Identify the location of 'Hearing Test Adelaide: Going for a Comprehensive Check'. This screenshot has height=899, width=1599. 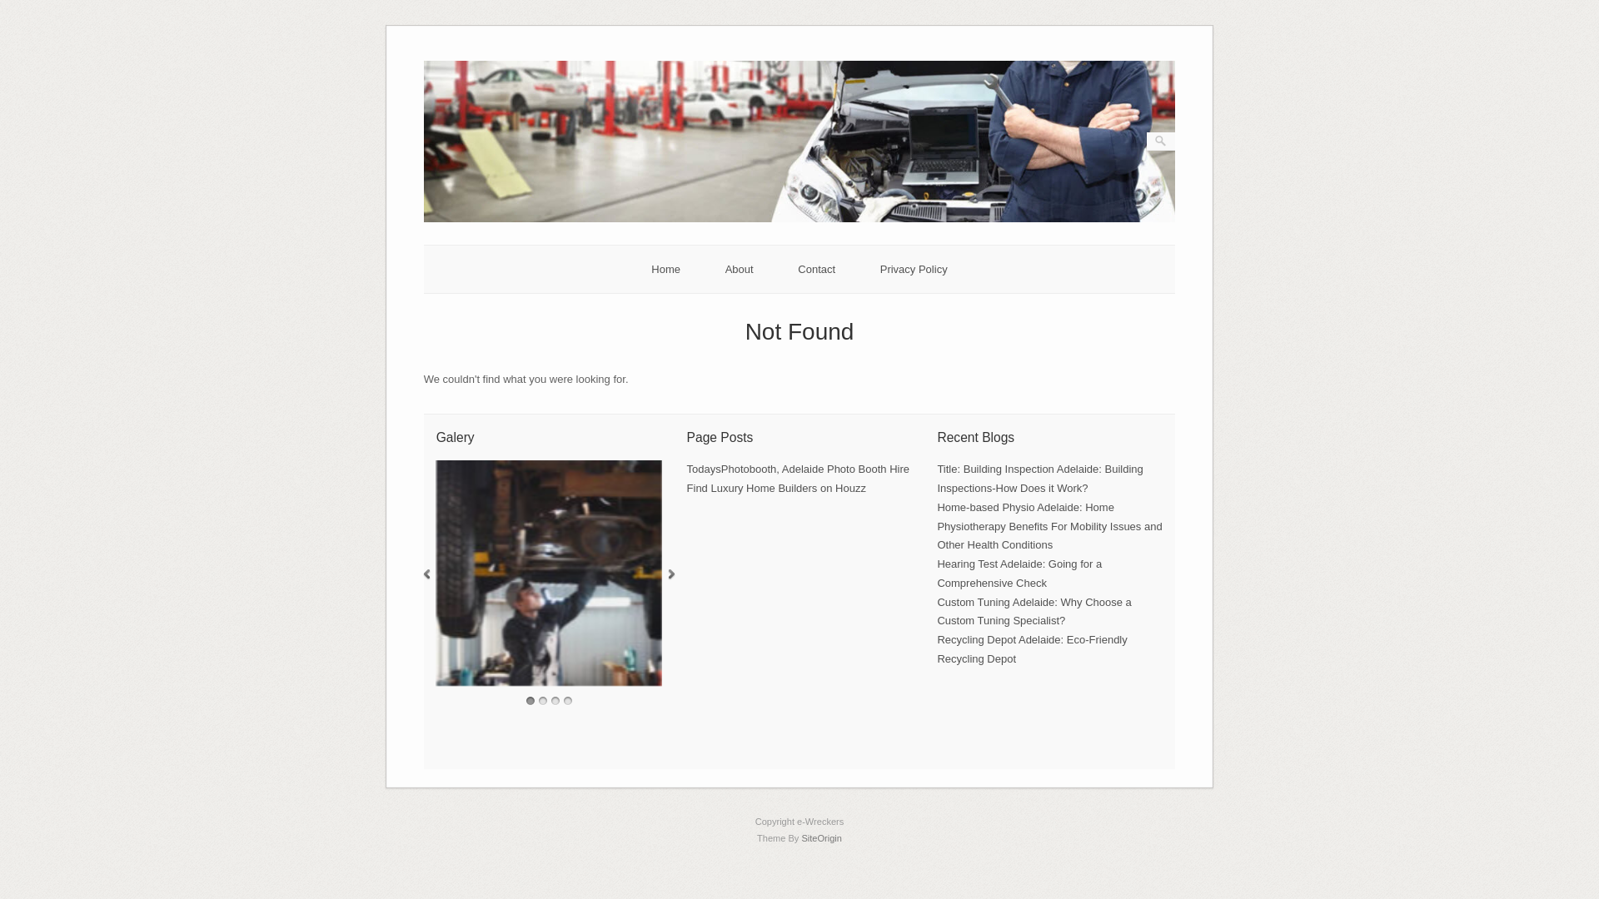
(1019, 573).